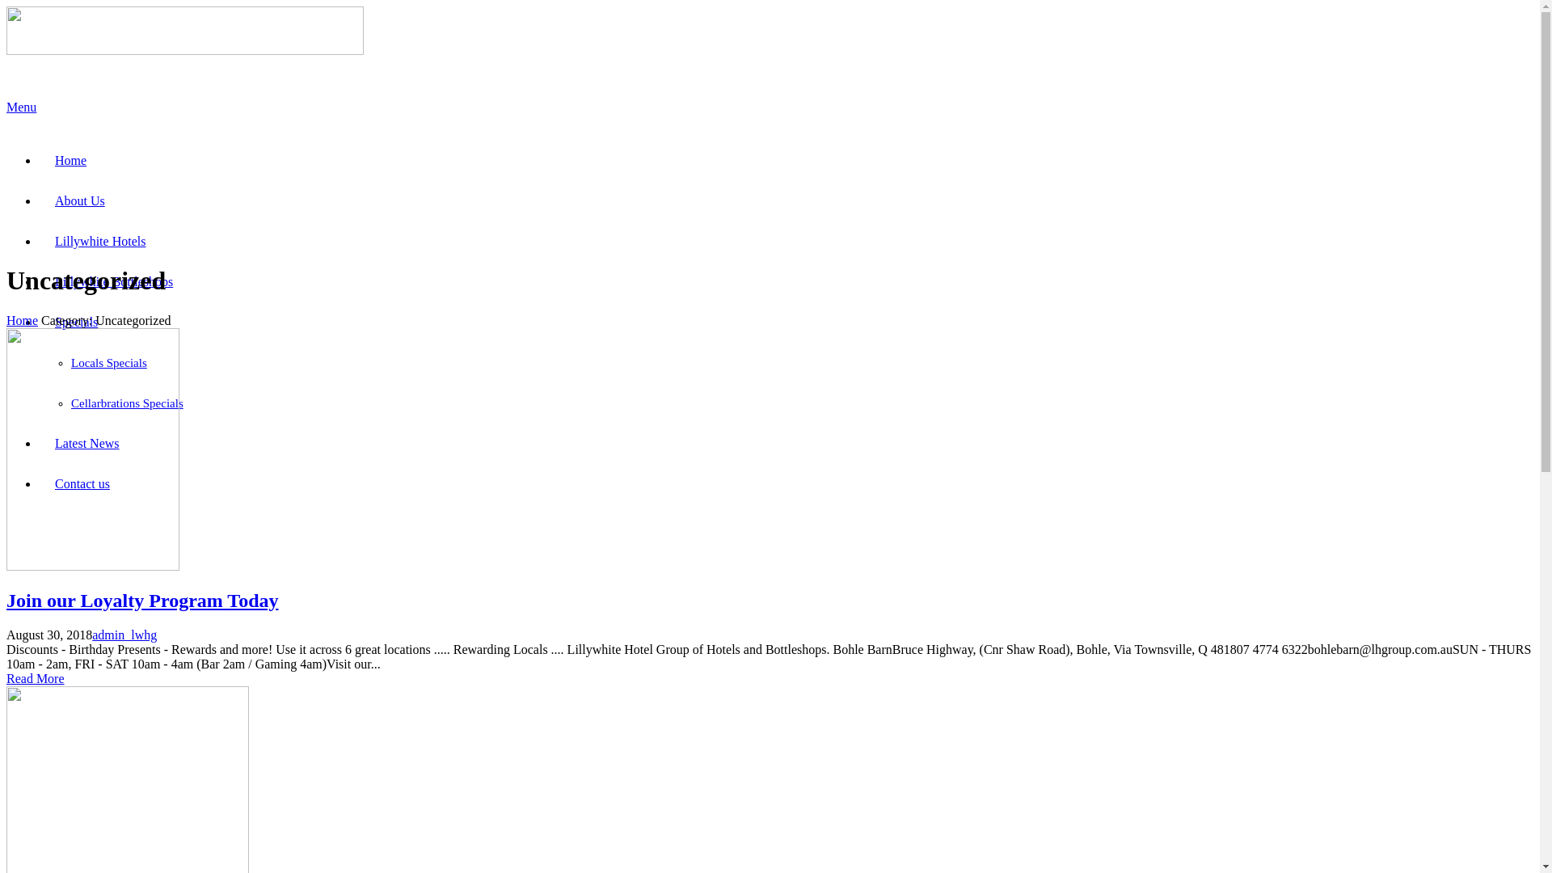 This screenshot has width=1552, height=873. What do you see at coordinates (70, 160) in the screenshot?
I see `'Home'` at bounding box center [70, 160].